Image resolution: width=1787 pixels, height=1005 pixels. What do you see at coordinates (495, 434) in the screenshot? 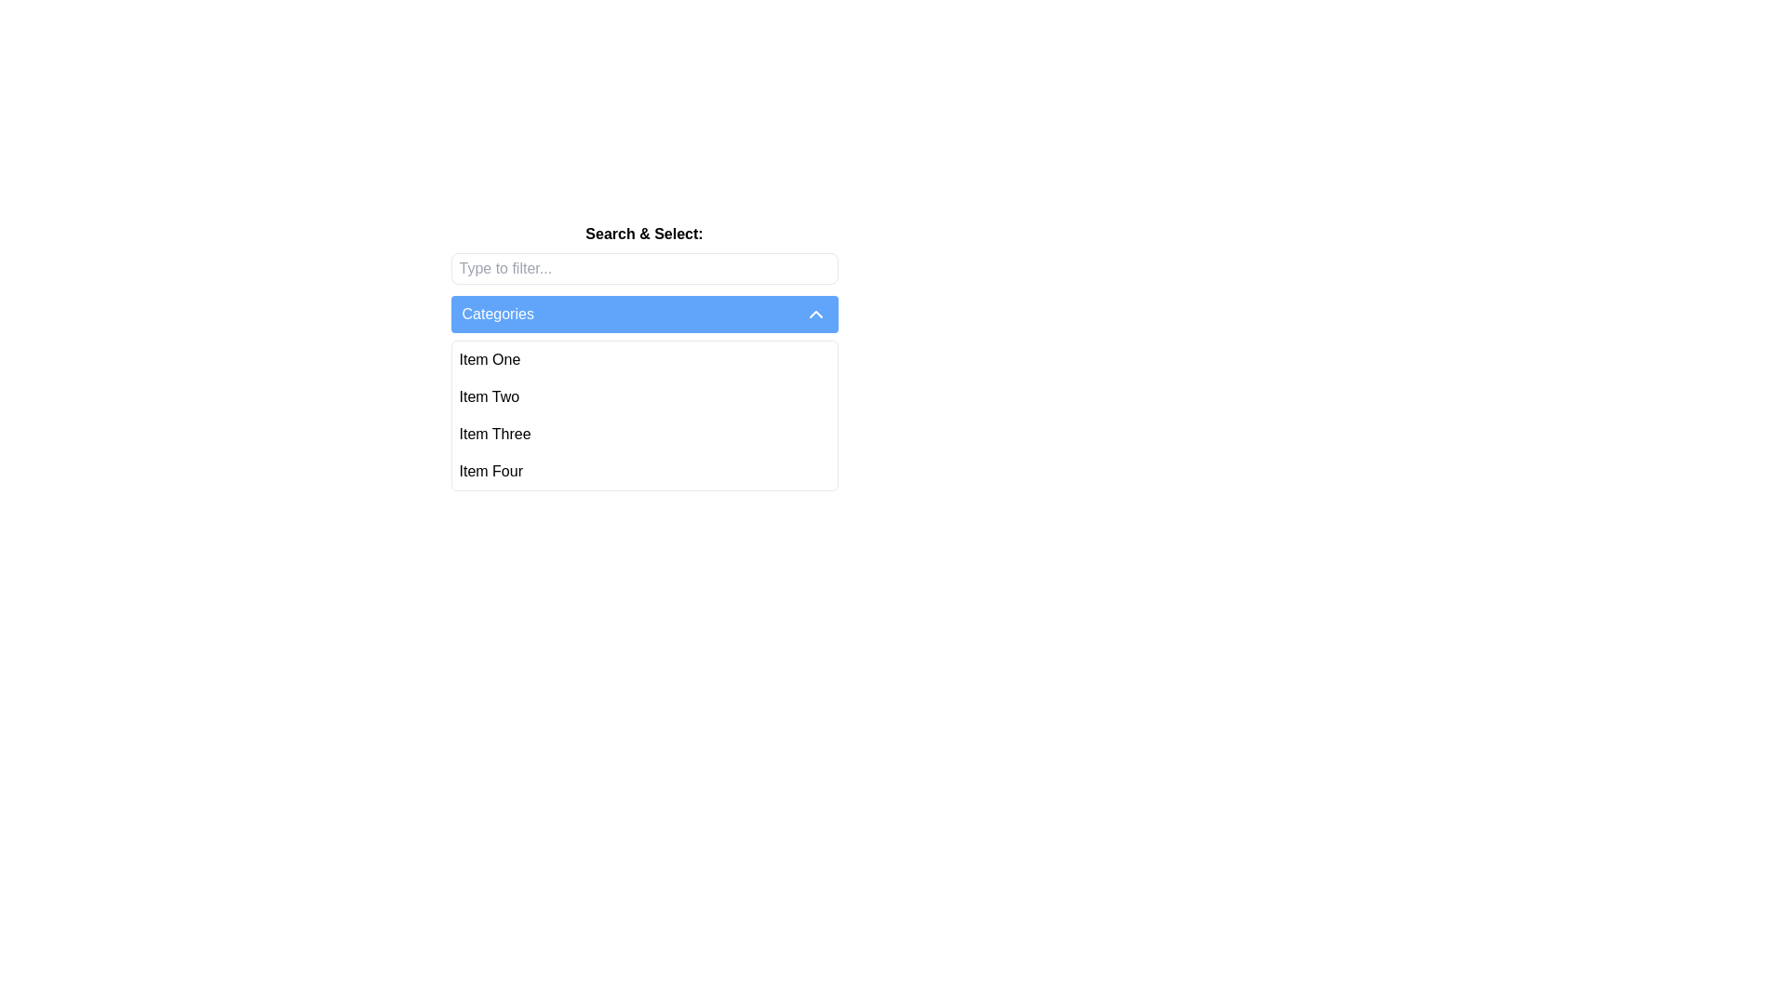
I see `the Text Label that identifies an item in the dropdown menu, located in the third position below the 'Categories' header, between 'Item Two' and 'Item Four'` at bounding box center [495, 434].